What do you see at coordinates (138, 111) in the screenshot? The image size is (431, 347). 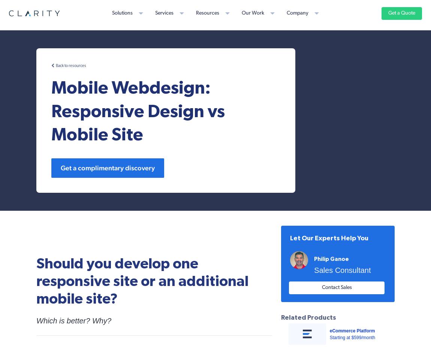 I see `'Mobile Webdesign: Responsive Design vs Mobile Site'` at bounding box center [138, 111].